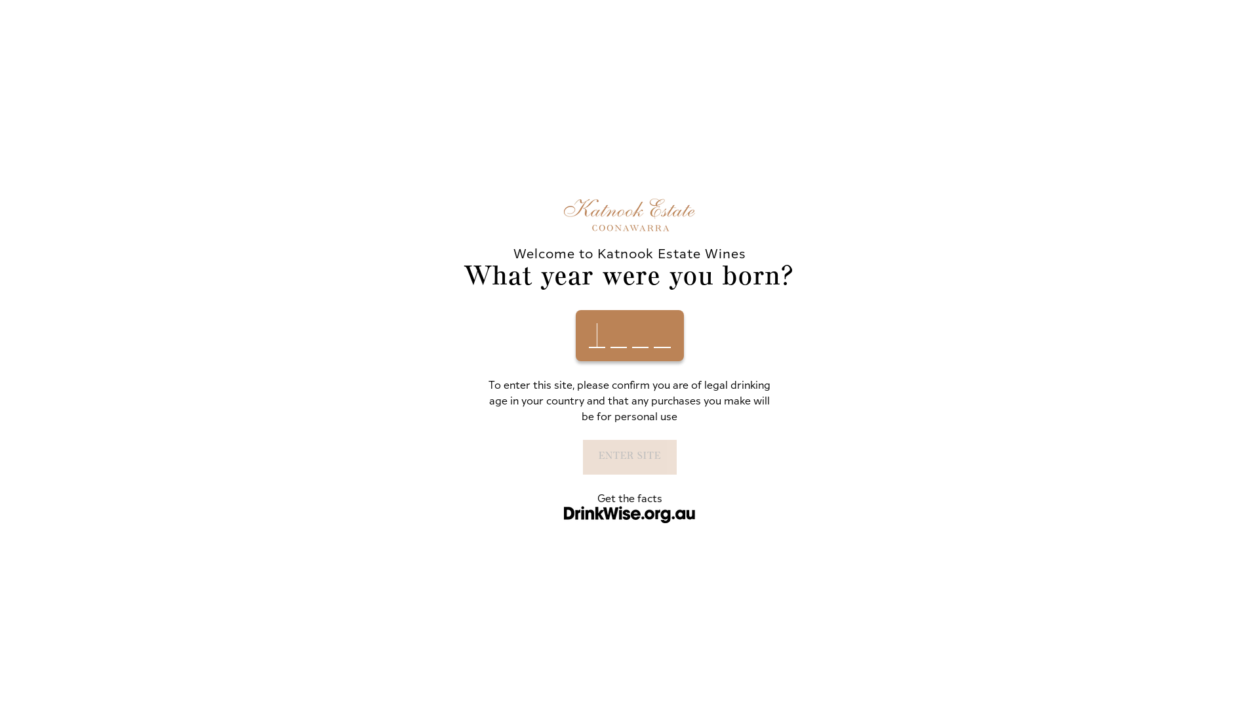 The height and width of the screenshot is (708, 1259). Describe the element at coordinates (817, 62) in the screenshot. I see `'JOIN THE CLUB'` at that location.